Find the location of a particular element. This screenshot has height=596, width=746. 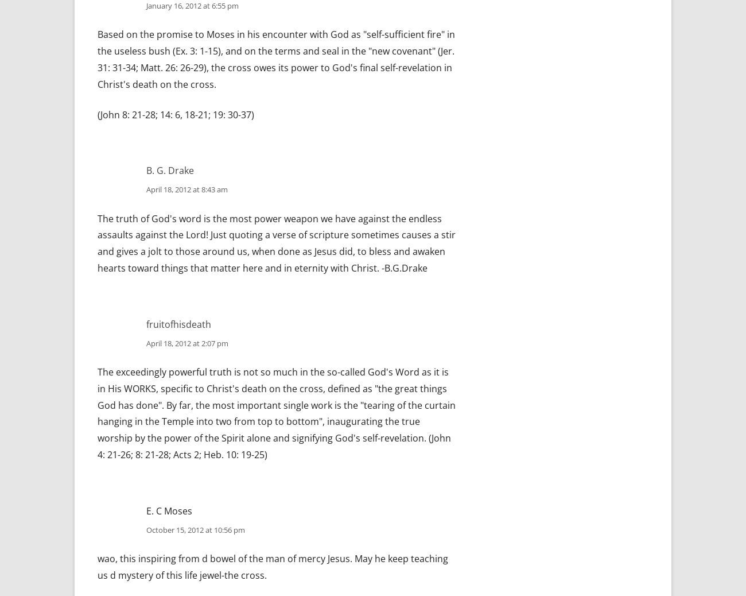

'The truth of God's word is the most power weapon we have against the endless assaults against the Lord! Just quoting a verse of scripture sometimes causes a stir and gives a jolt to those around us, when done as Jesus did, to bless and awaken hearts toward things that matter here and in eternity with Christ. -B.G.Drake' is located at coordinates (276, 243).